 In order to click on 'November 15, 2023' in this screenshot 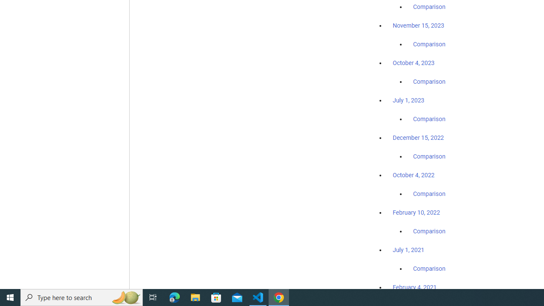, I will do `click(418, 25)`.